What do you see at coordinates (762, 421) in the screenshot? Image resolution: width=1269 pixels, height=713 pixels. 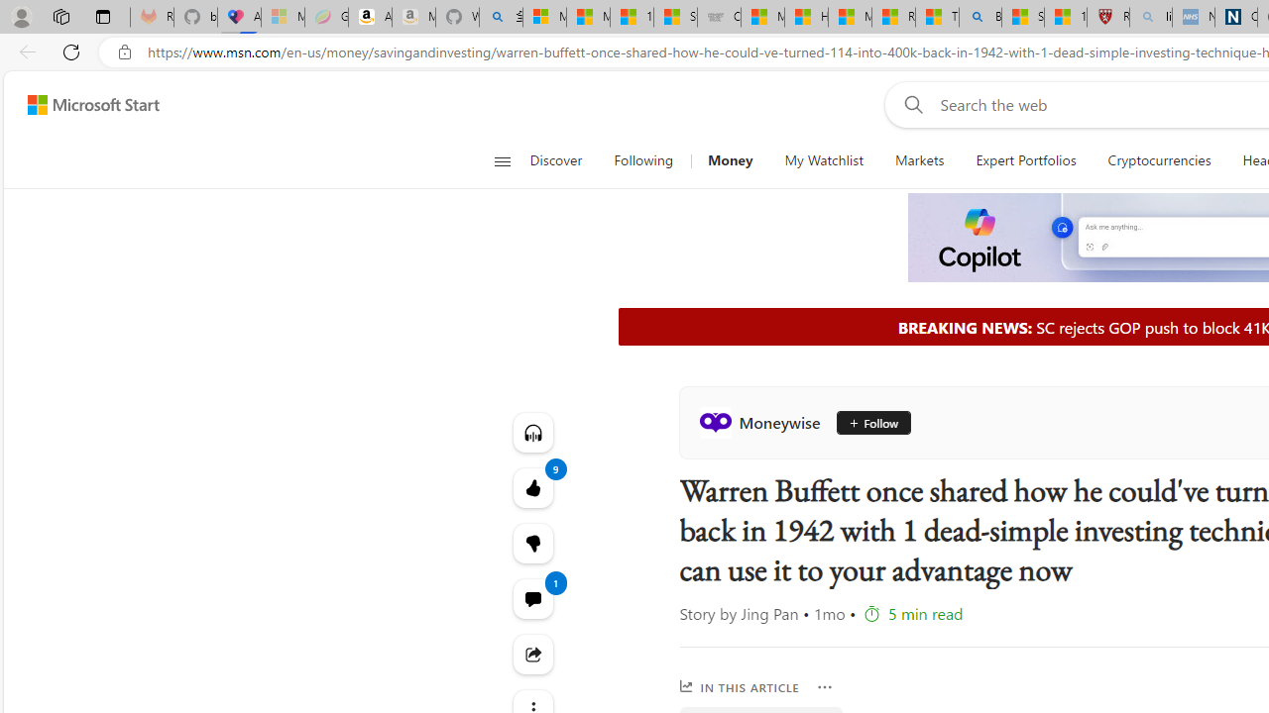 I see `'Moneywise'` at bounding box center [762, 421].